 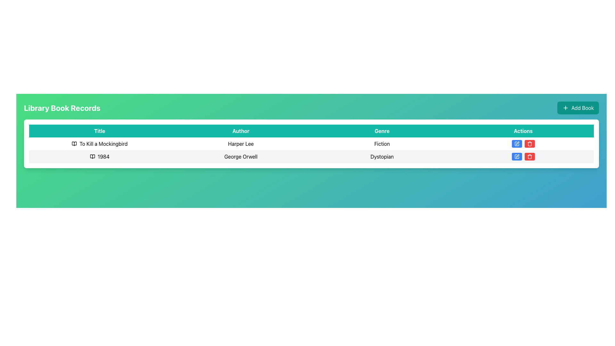 What do you see at coordinates (103, 143) in the screenshot?
I see `book title displayed in the Text Label for 'To Kill a Mockingbird', located in the 'Title' column of the first row within the table labeled 'Library Book Records'` at bounding box center [103, 143].